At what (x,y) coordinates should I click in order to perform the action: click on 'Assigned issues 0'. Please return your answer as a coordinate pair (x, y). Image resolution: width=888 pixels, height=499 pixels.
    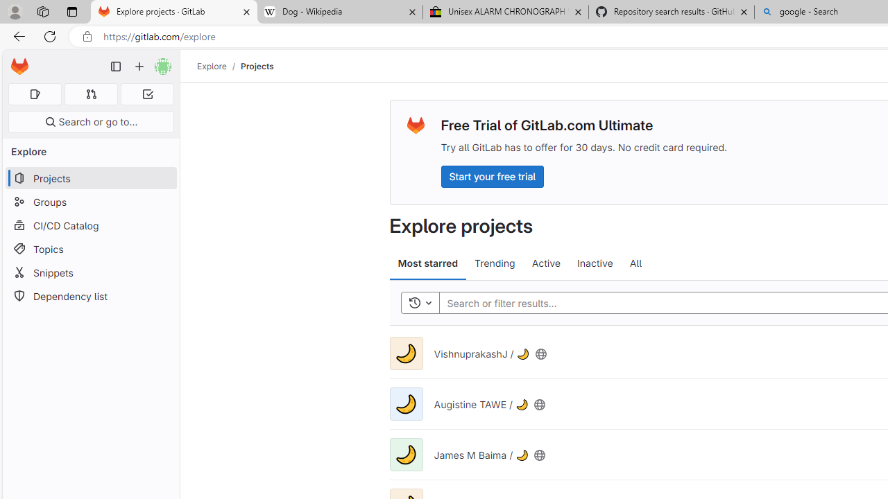
    Looking at the image, I should click on (35, 94).